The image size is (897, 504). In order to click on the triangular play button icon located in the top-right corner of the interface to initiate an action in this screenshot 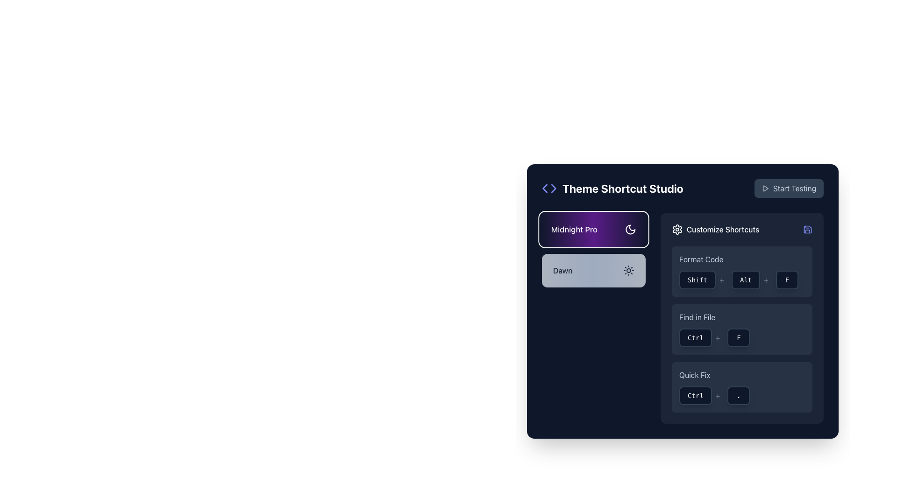, I will do `click(765, 189)`.